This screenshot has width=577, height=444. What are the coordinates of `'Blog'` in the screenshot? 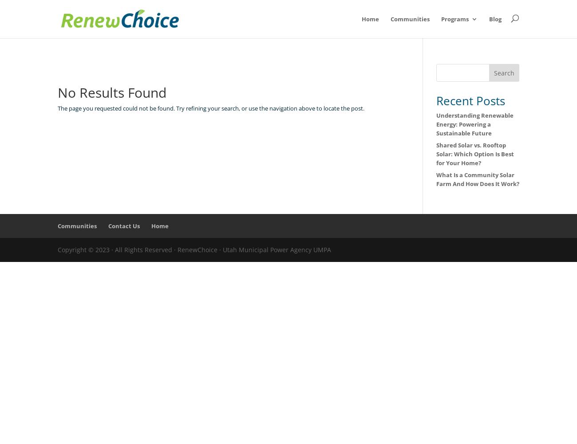 It's located at (495, 19).